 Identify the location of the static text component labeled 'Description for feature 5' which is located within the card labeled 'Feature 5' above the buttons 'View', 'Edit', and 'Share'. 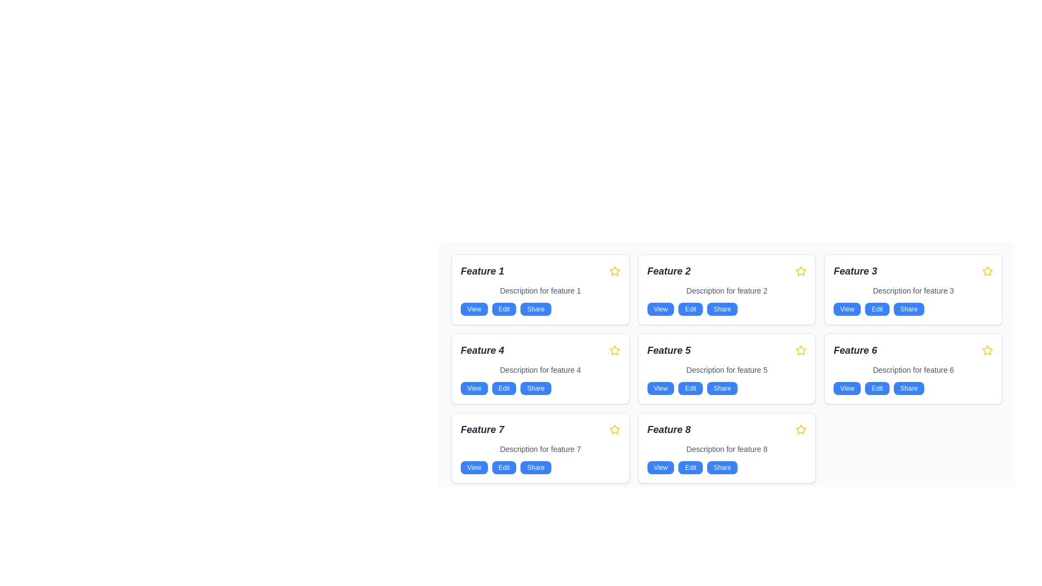
(727, 370).